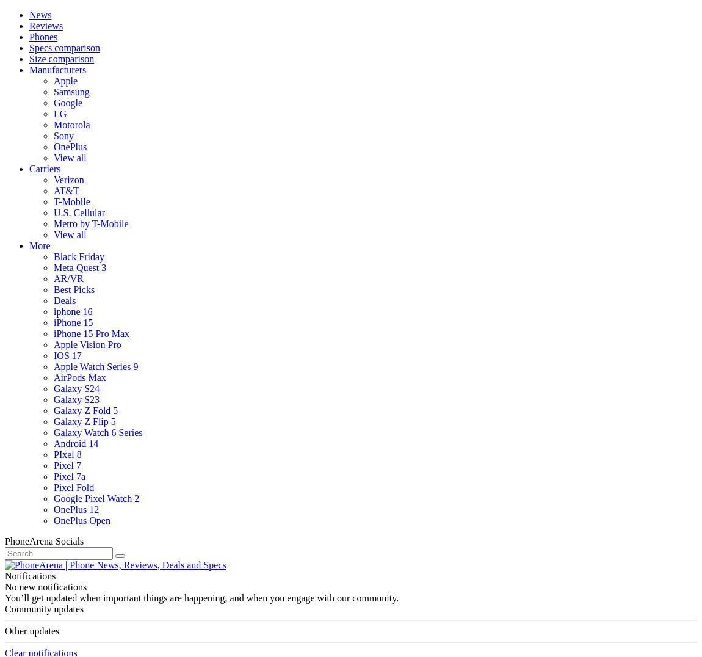  What do you see at coordinates (84, 421) in the screenshot?
I see `'Galaxy Z Flip 5'` at bounding box center [84, 421].